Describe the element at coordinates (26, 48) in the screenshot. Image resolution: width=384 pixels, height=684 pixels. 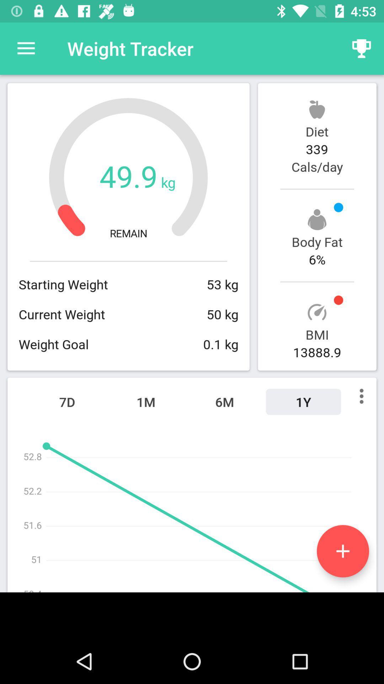
I see `the item at the top left corner` at that location.